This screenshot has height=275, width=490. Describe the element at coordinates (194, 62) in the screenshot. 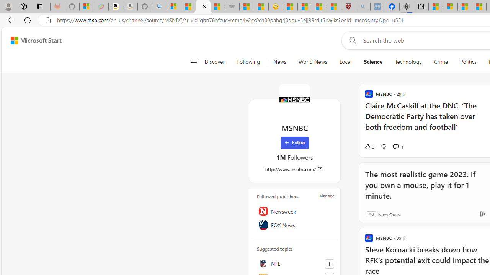

I see `'Open navigation menu'` at that location.